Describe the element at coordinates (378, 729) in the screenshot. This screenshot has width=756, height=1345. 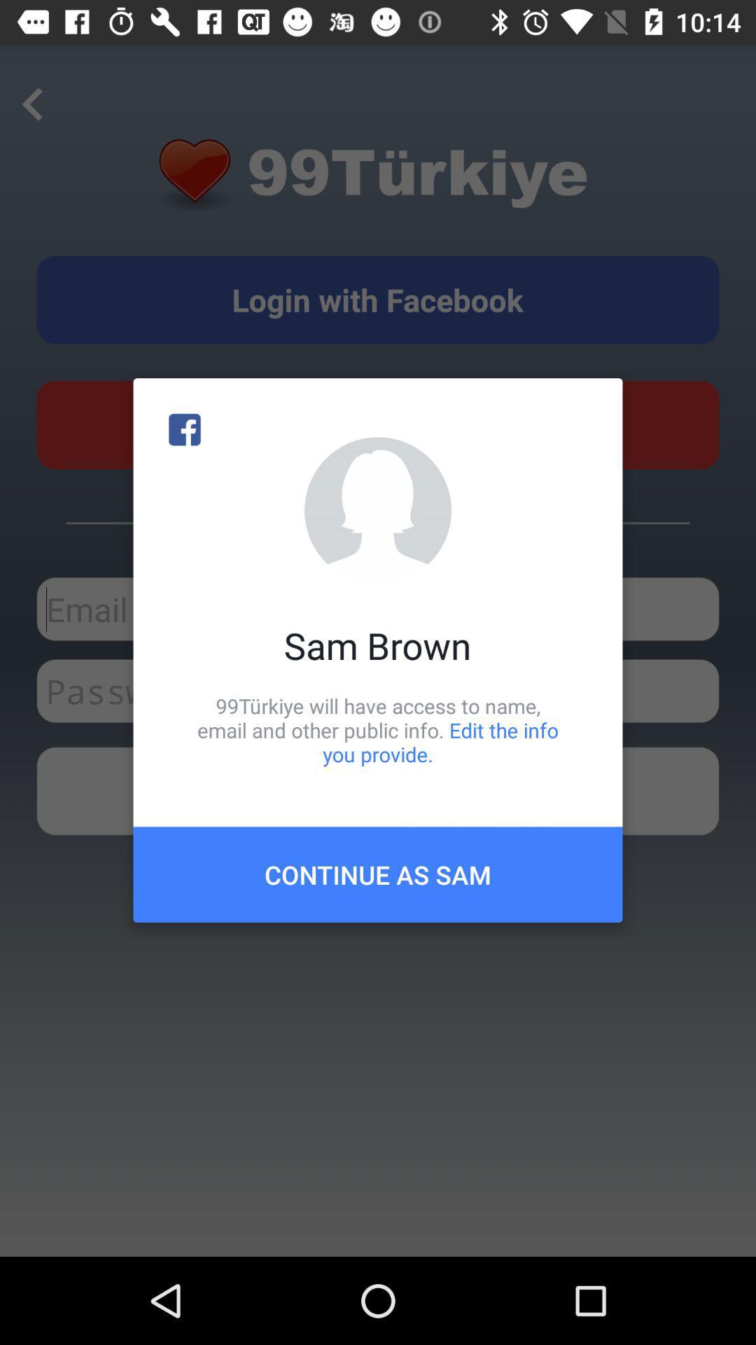
I see `icon below sam brown` at that location.